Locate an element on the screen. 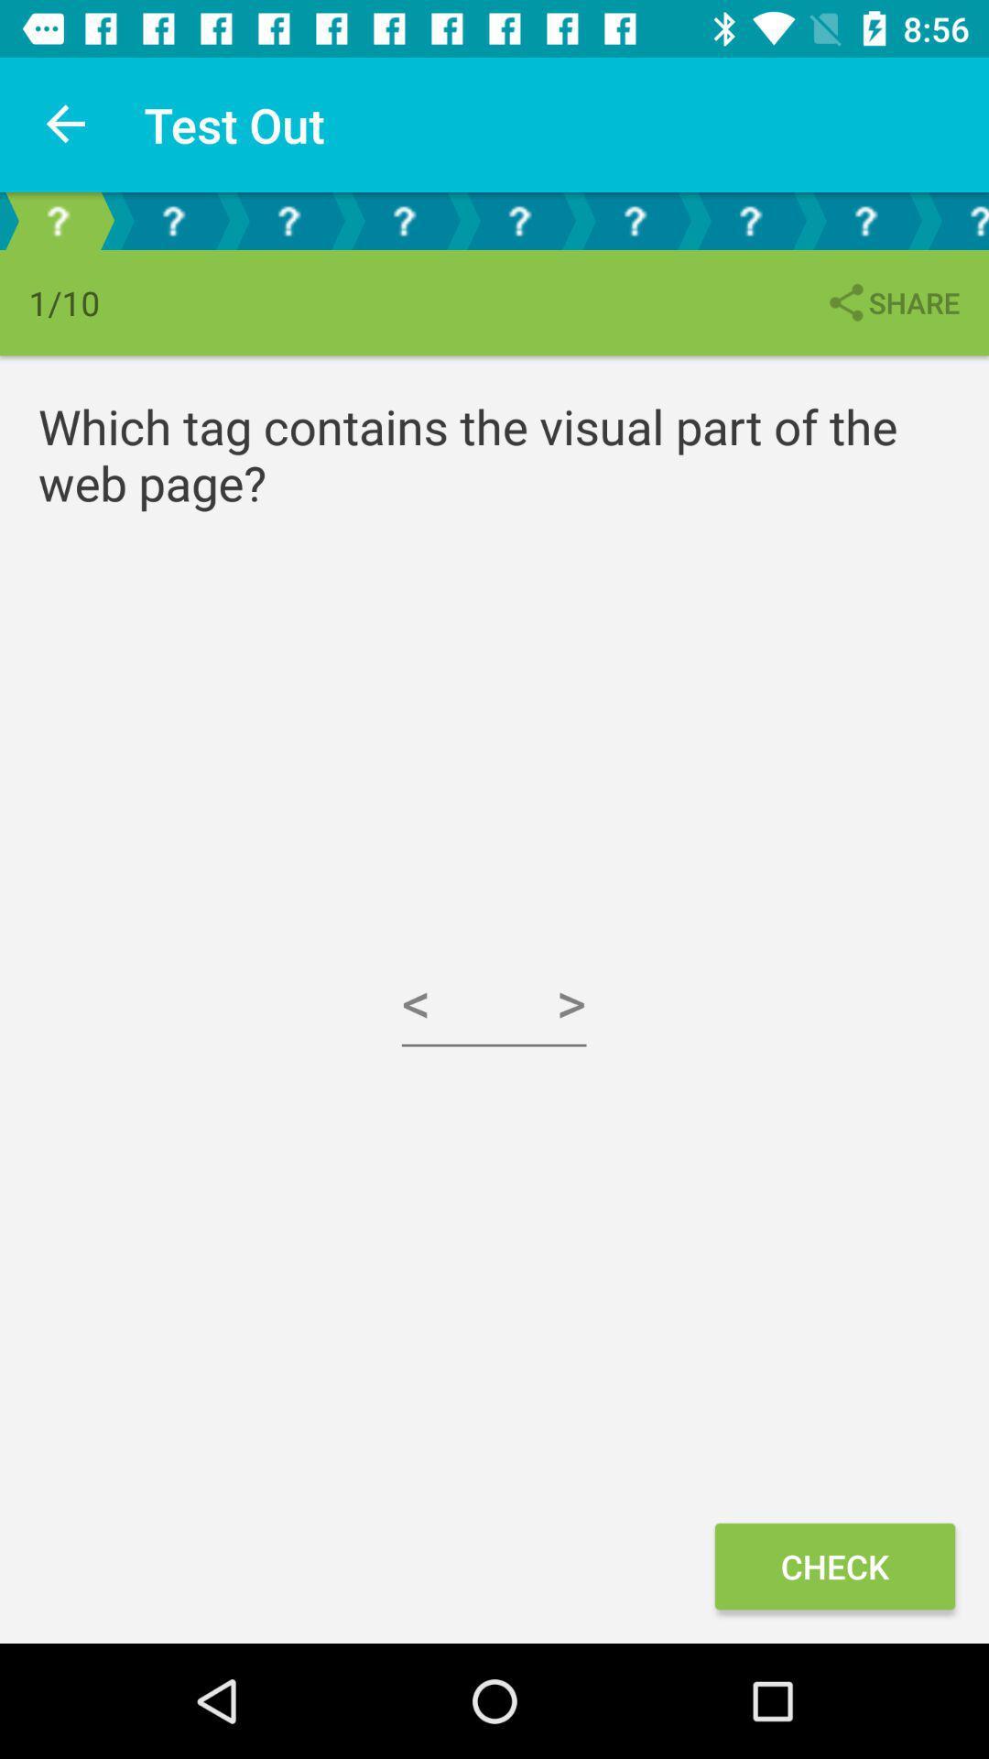 This screenshot has width=989, height=1759. the fourth question icon from right is located at coordinates (634, 220).